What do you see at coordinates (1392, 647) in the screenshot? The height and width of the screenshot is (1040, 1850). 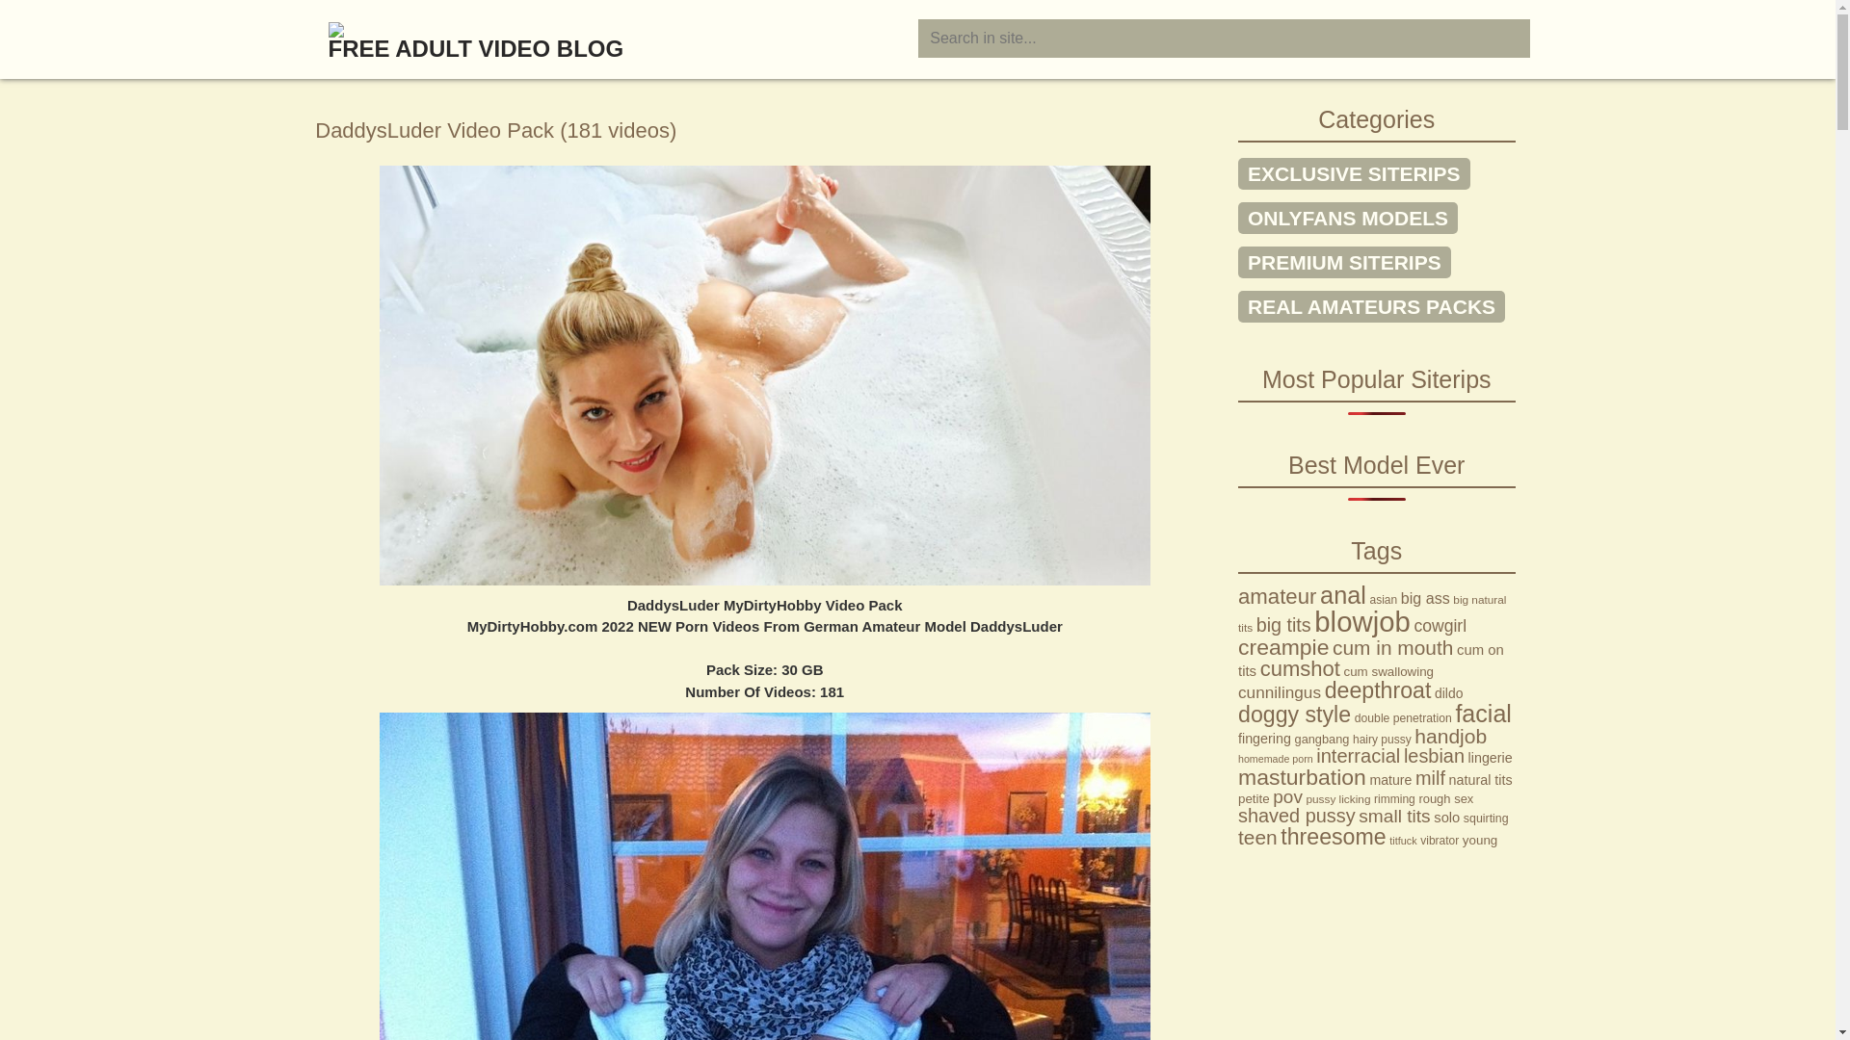 I see `'cum in mouth'` at bounding box center [1392, 647].